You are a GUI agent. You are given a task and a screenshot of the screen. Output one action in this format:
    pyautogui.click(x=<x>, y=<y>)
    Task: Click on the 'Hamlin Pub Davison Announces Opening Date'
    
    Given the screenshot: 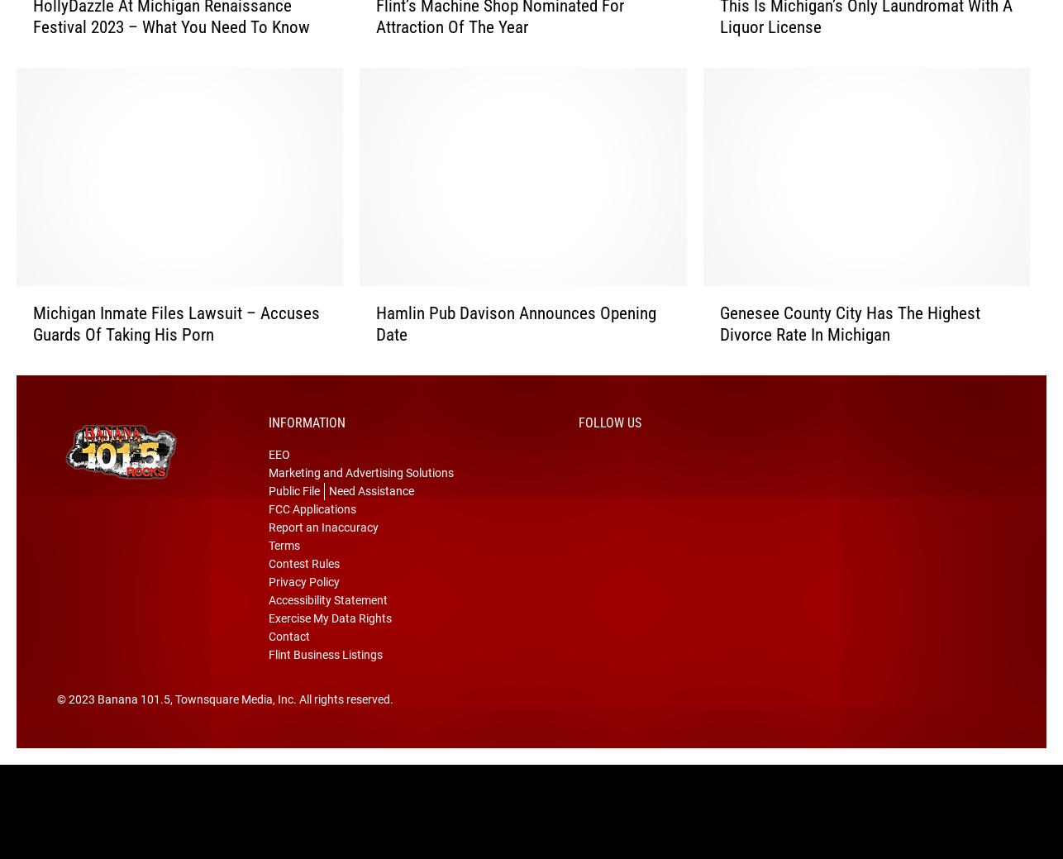 What is the action you would take?
    pyautogui.click(x=515, y=344)
    